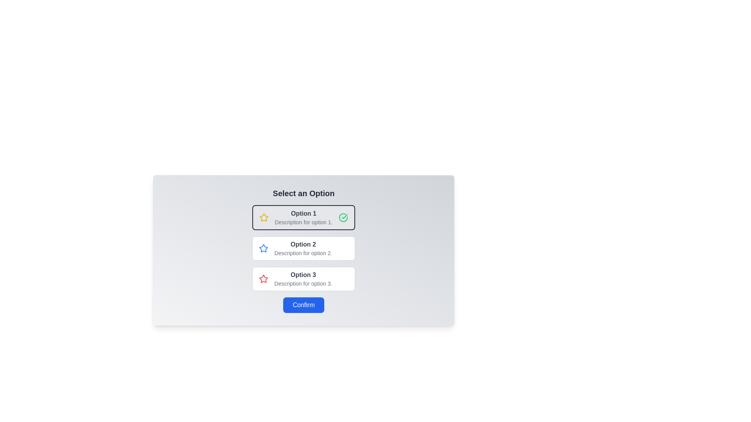 Image resolution: width=751 pixels, height=422 pixels. Describe the element at coordinates (303, 278) in the screenshot. I see `the third list item labeled 'Option 3' with a description 'Description for option 3.'` at that location.